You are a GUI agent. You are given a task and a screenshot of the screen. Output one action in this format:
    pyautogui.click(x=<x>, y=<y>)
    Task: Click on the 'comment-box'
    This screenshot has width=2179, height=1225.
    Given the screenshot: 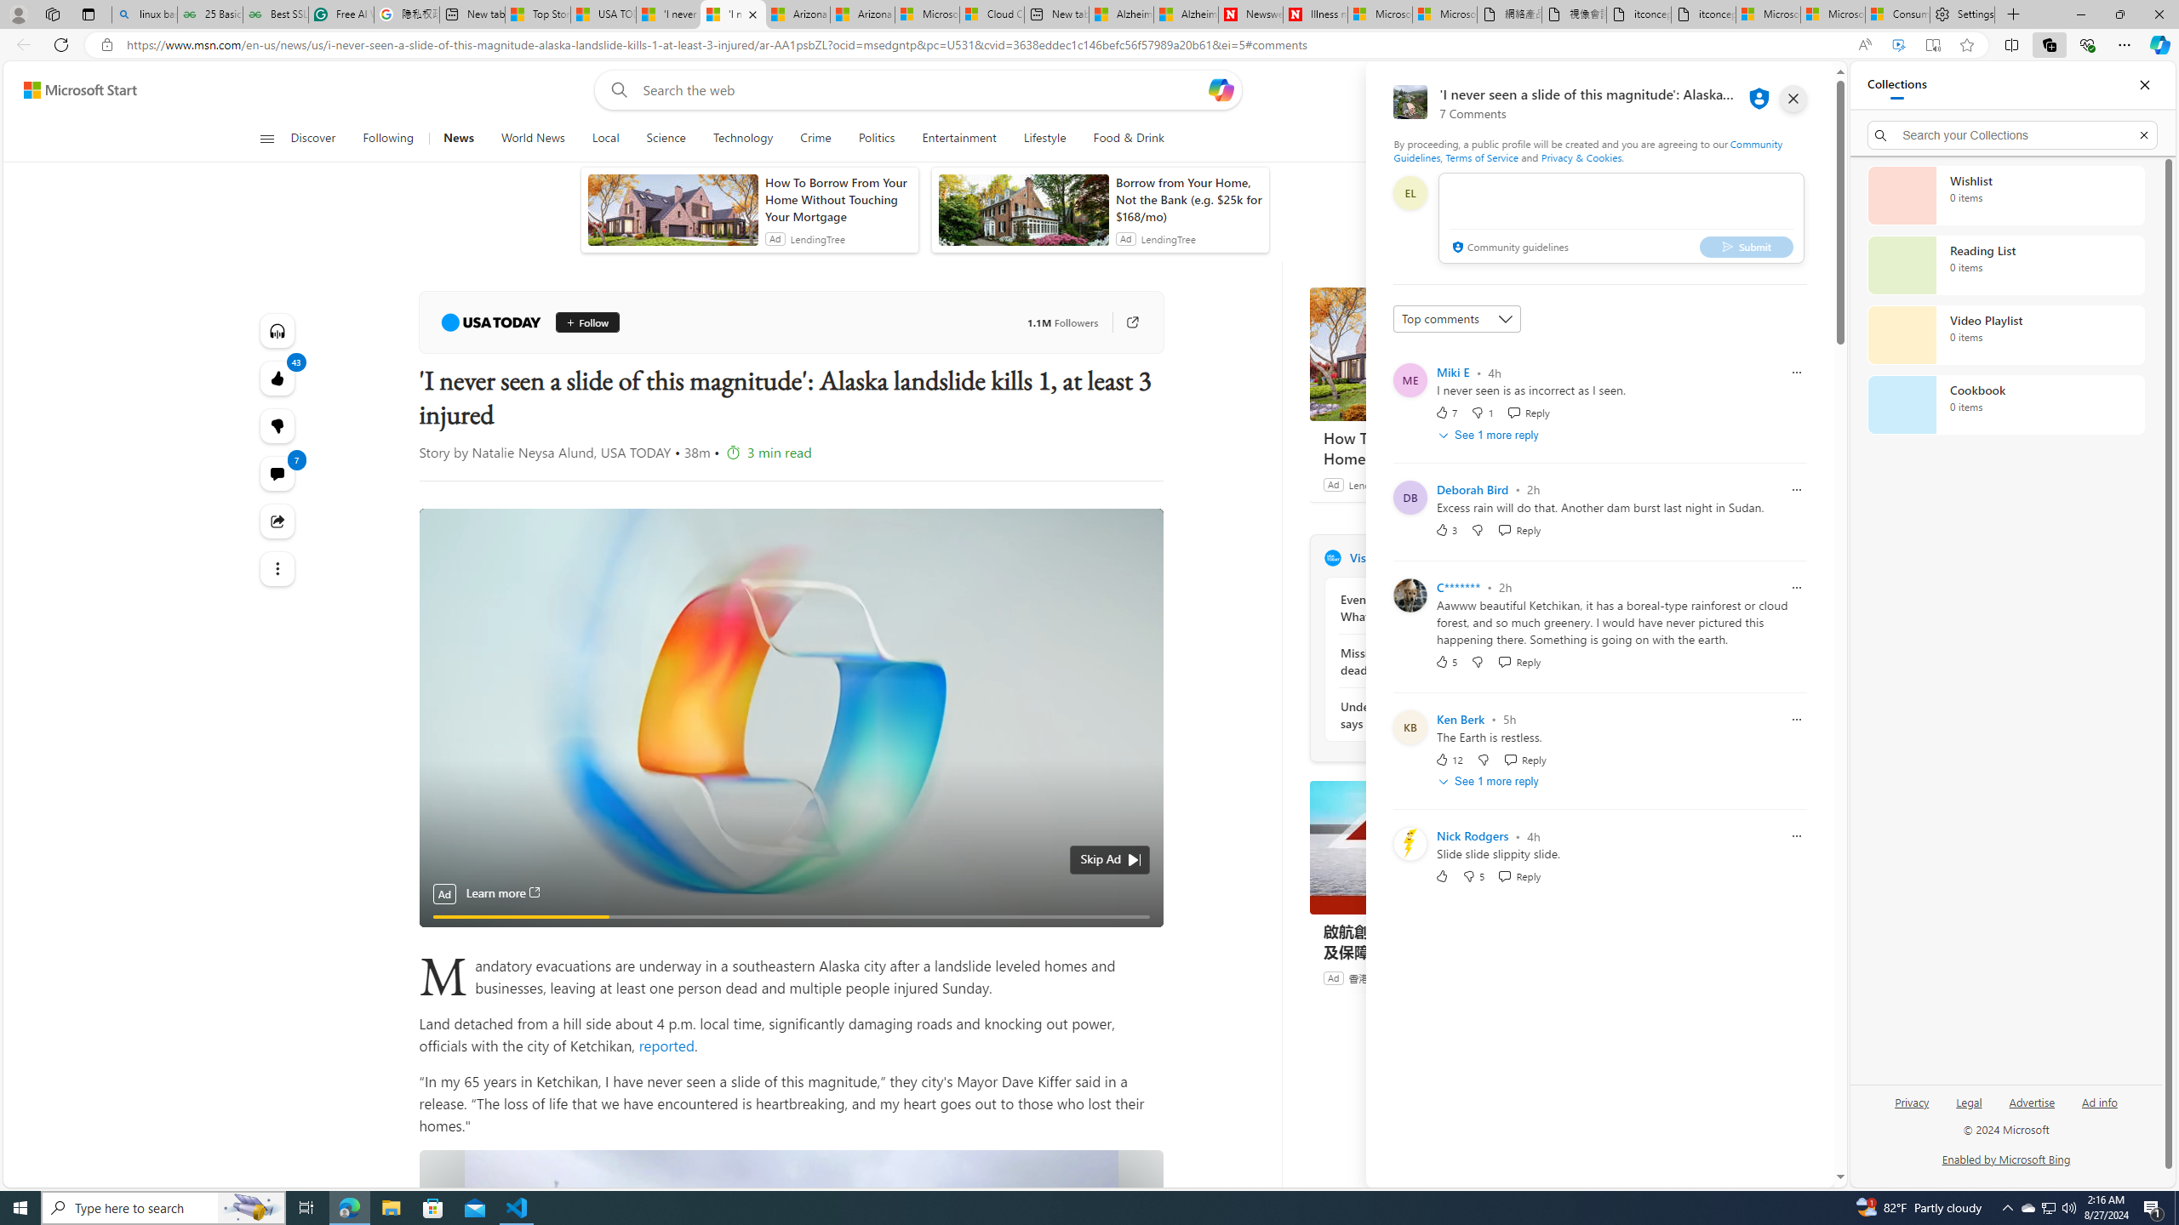 What is the action you would take?
    pyautogui.click(x=1620, y=218)
    